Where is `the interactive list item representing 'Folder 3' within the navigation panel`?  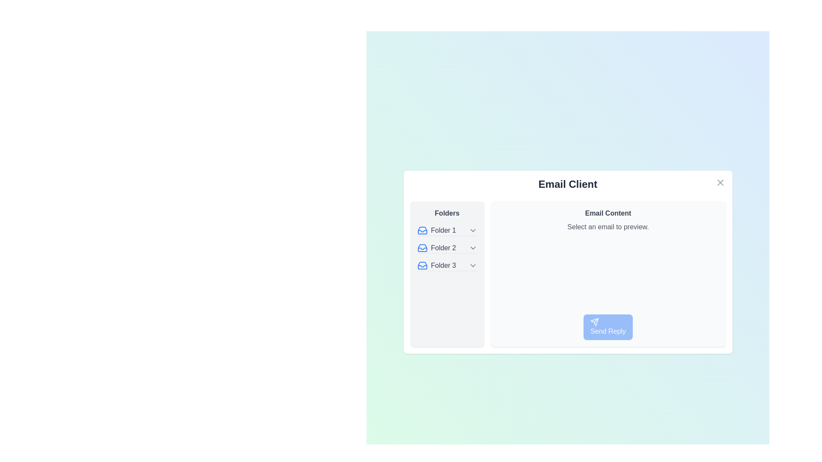 the interactive list item representing 'Folder 3' within the navigation panel is located at coordinates (447, 265).